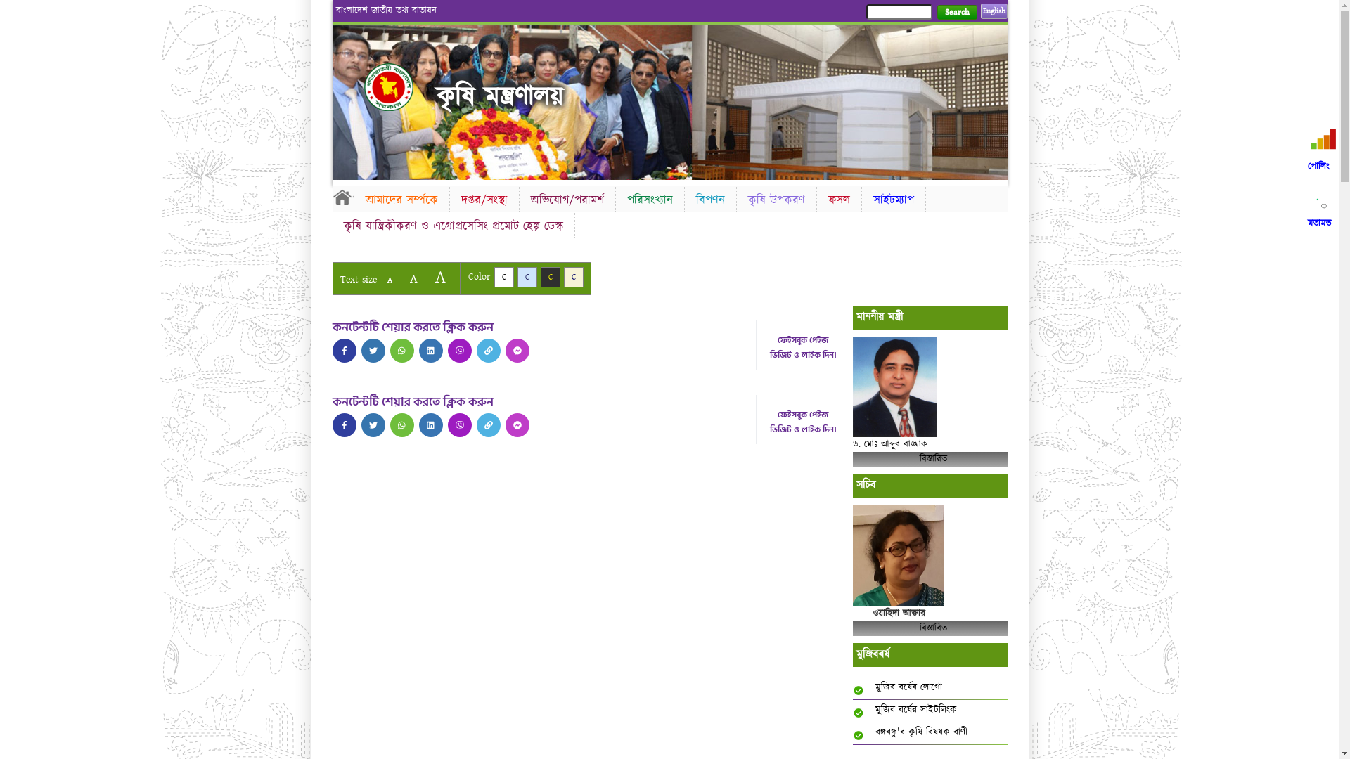 The width and height of the screenshot is (1350, 759). Describe the element at coordinates (516, 277) in the screenshot. I see `'C'` at that location.